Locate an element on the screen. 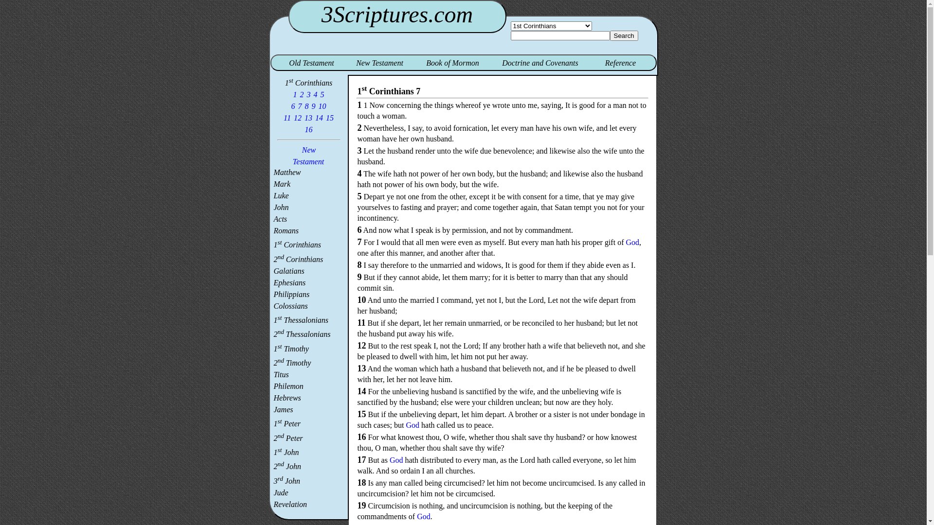 The height and width of the screenshot is (525, 934). '9' is located at coordinates (310, 106).